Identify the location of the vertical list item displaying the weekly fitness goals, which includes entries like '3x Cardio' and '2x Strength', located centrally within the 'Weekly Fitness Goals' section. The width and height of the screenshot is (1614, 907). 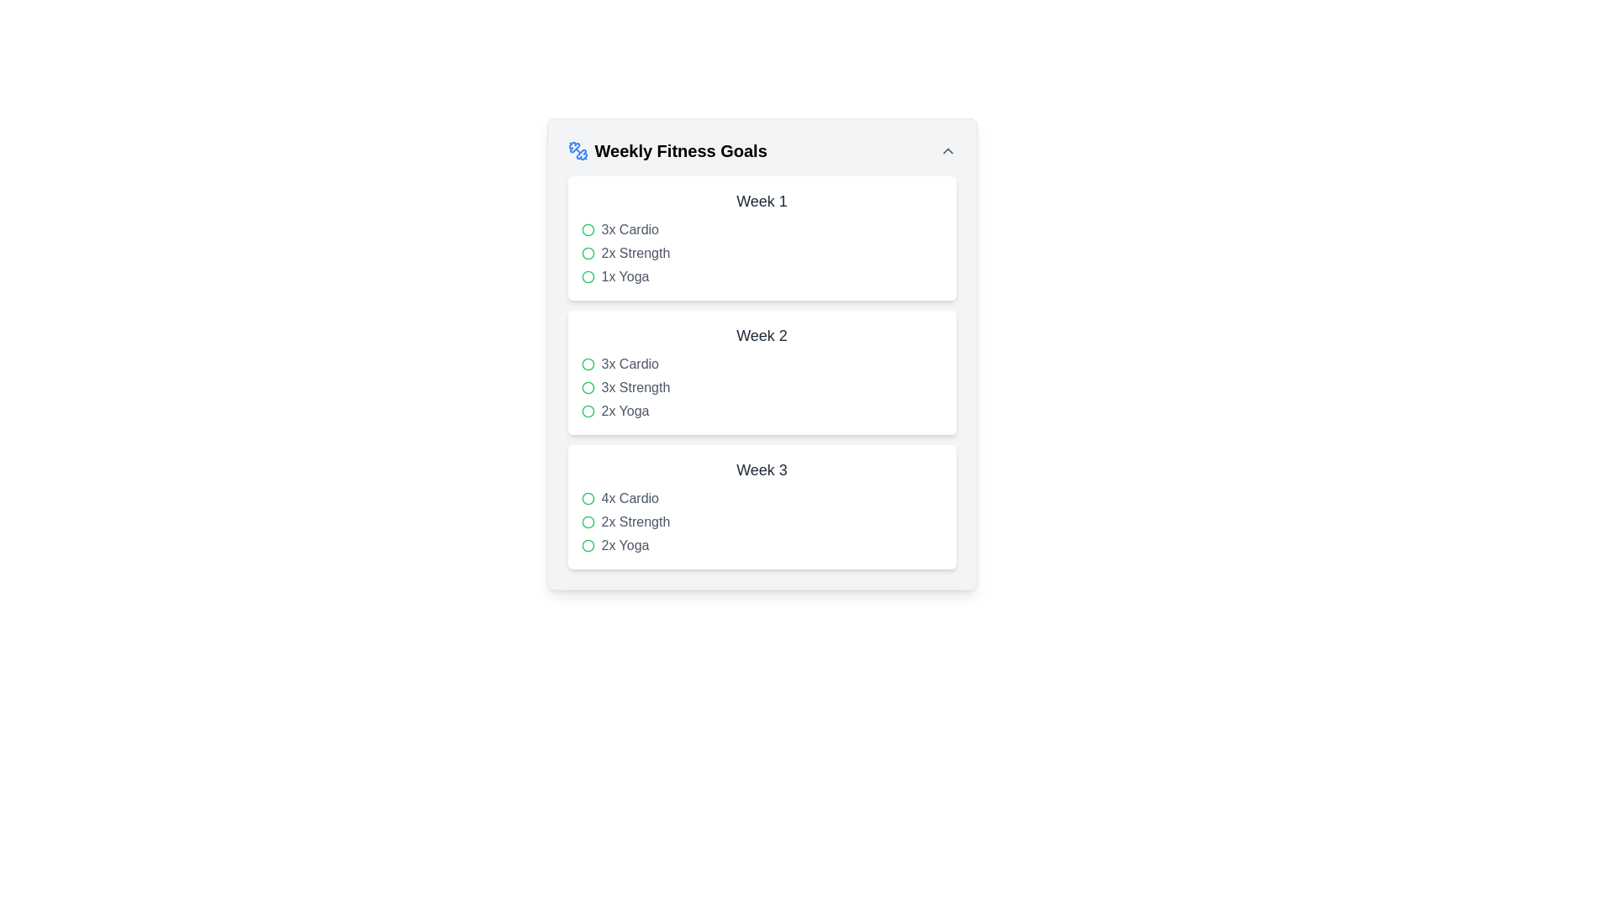
(761, 371).